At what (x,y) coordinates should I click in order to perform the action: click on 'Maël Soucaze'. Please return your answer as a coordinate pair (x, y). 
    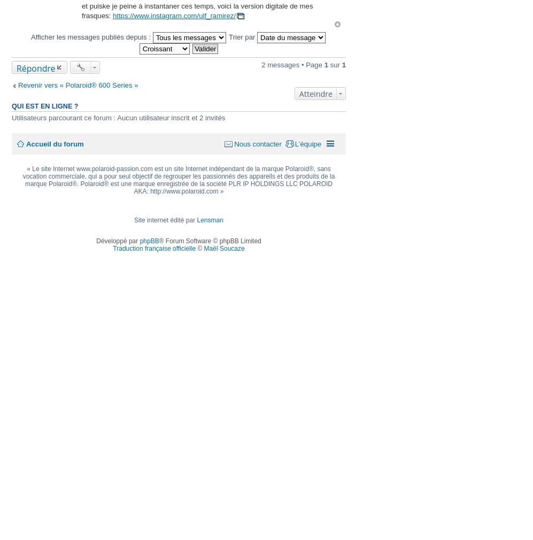
    Looking at the image, I should click on (223, 248).